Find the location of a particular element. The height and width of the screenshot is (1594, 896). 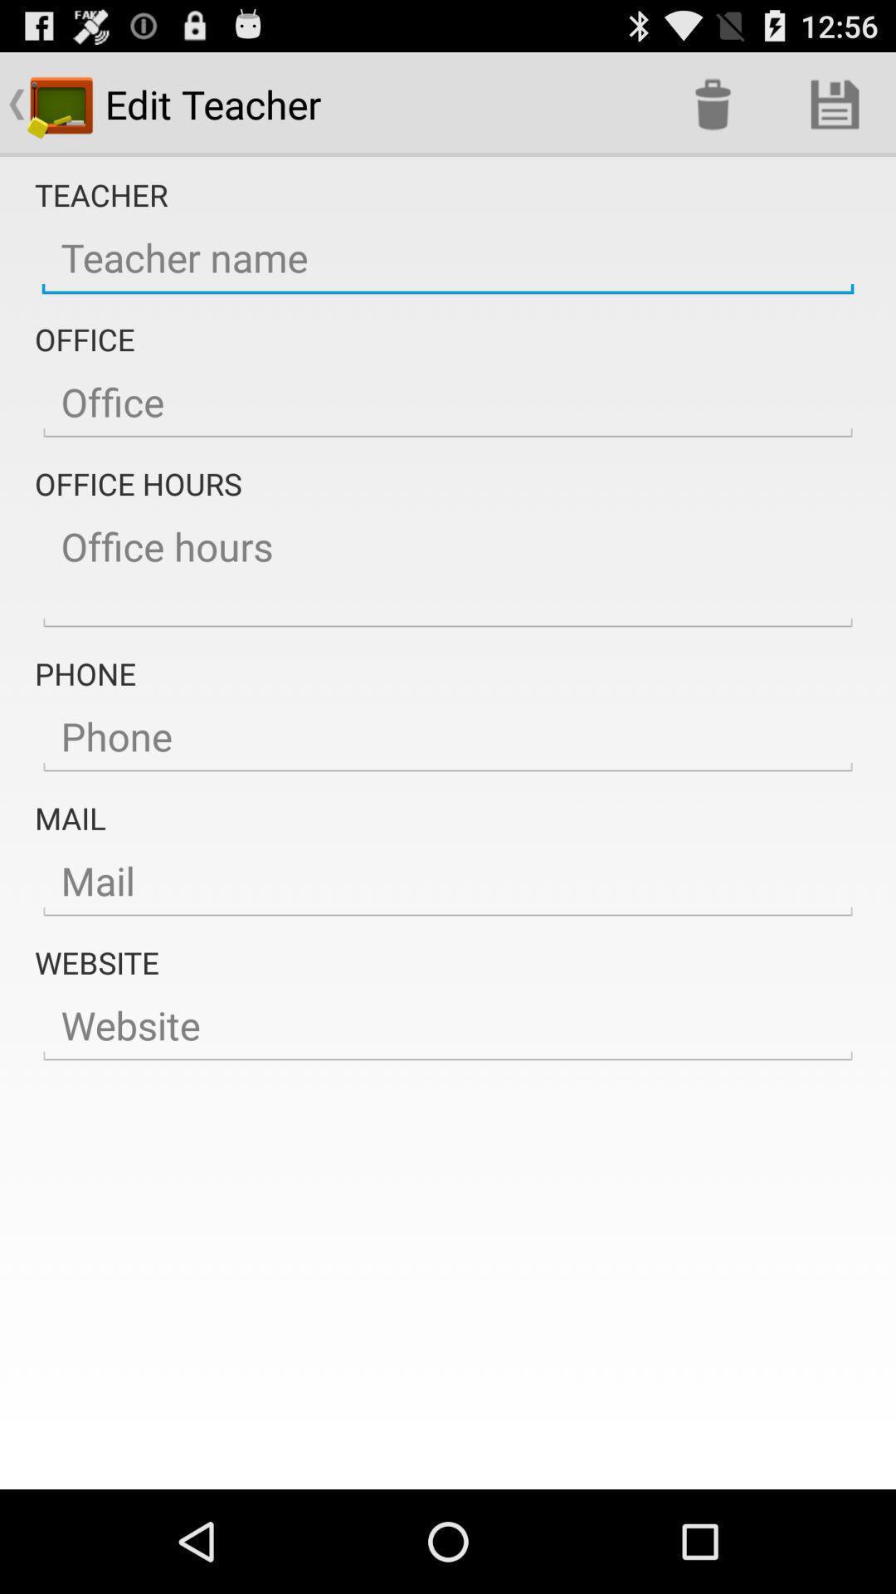

the text field which is below mail on the page is located at coordinates (448, 880).